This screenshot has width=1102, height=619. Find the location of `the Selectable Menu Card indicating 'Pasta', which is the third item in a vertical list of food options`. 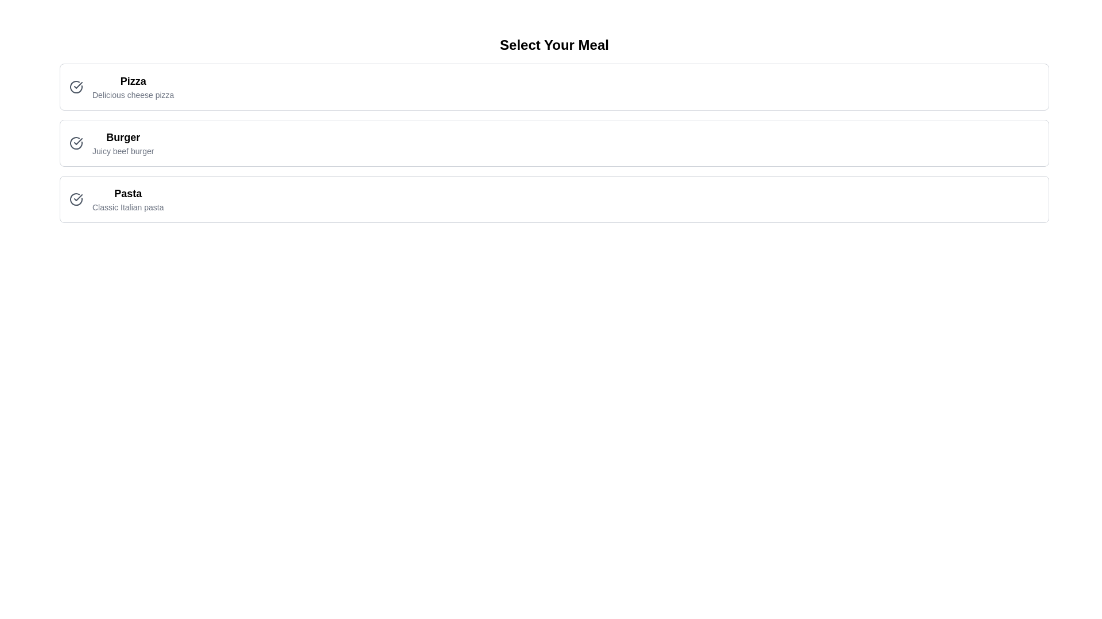

the Selectable Menu Card indicating 'Pasta', which is the third item in a vertical list of food options is located at coordinates (554, 198).